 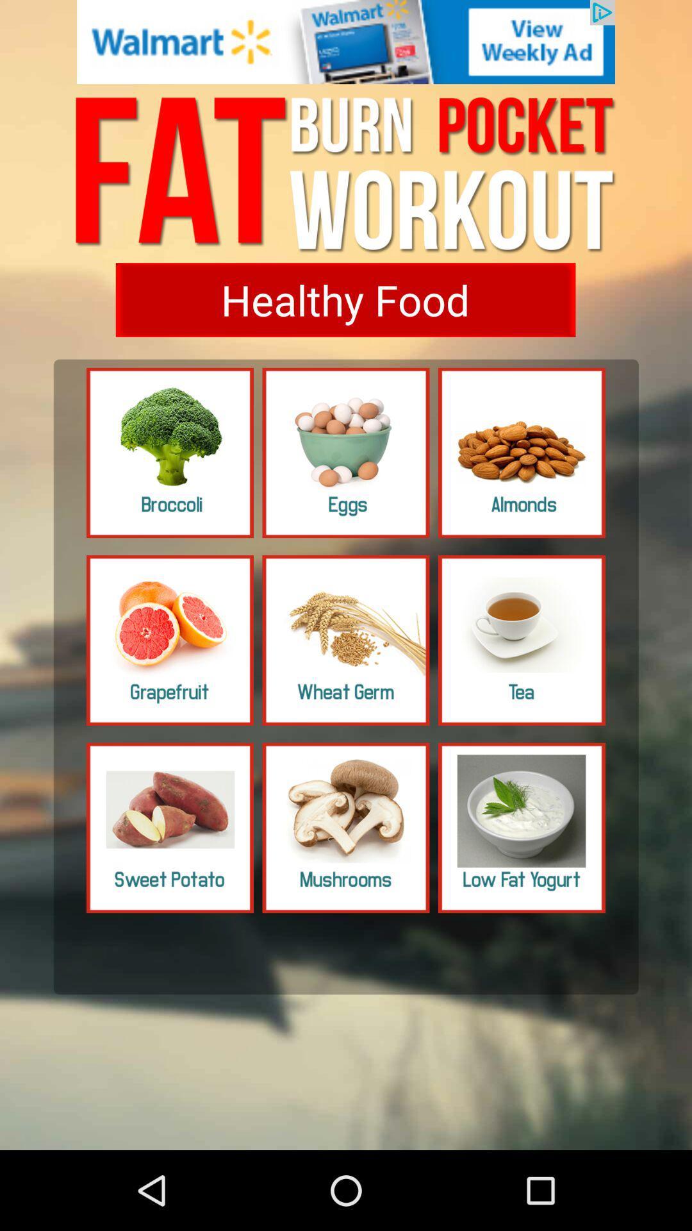 What do you see at coordinates (522, 640) in the screenshot?
I see `the food` at bounding box center [522, 640].